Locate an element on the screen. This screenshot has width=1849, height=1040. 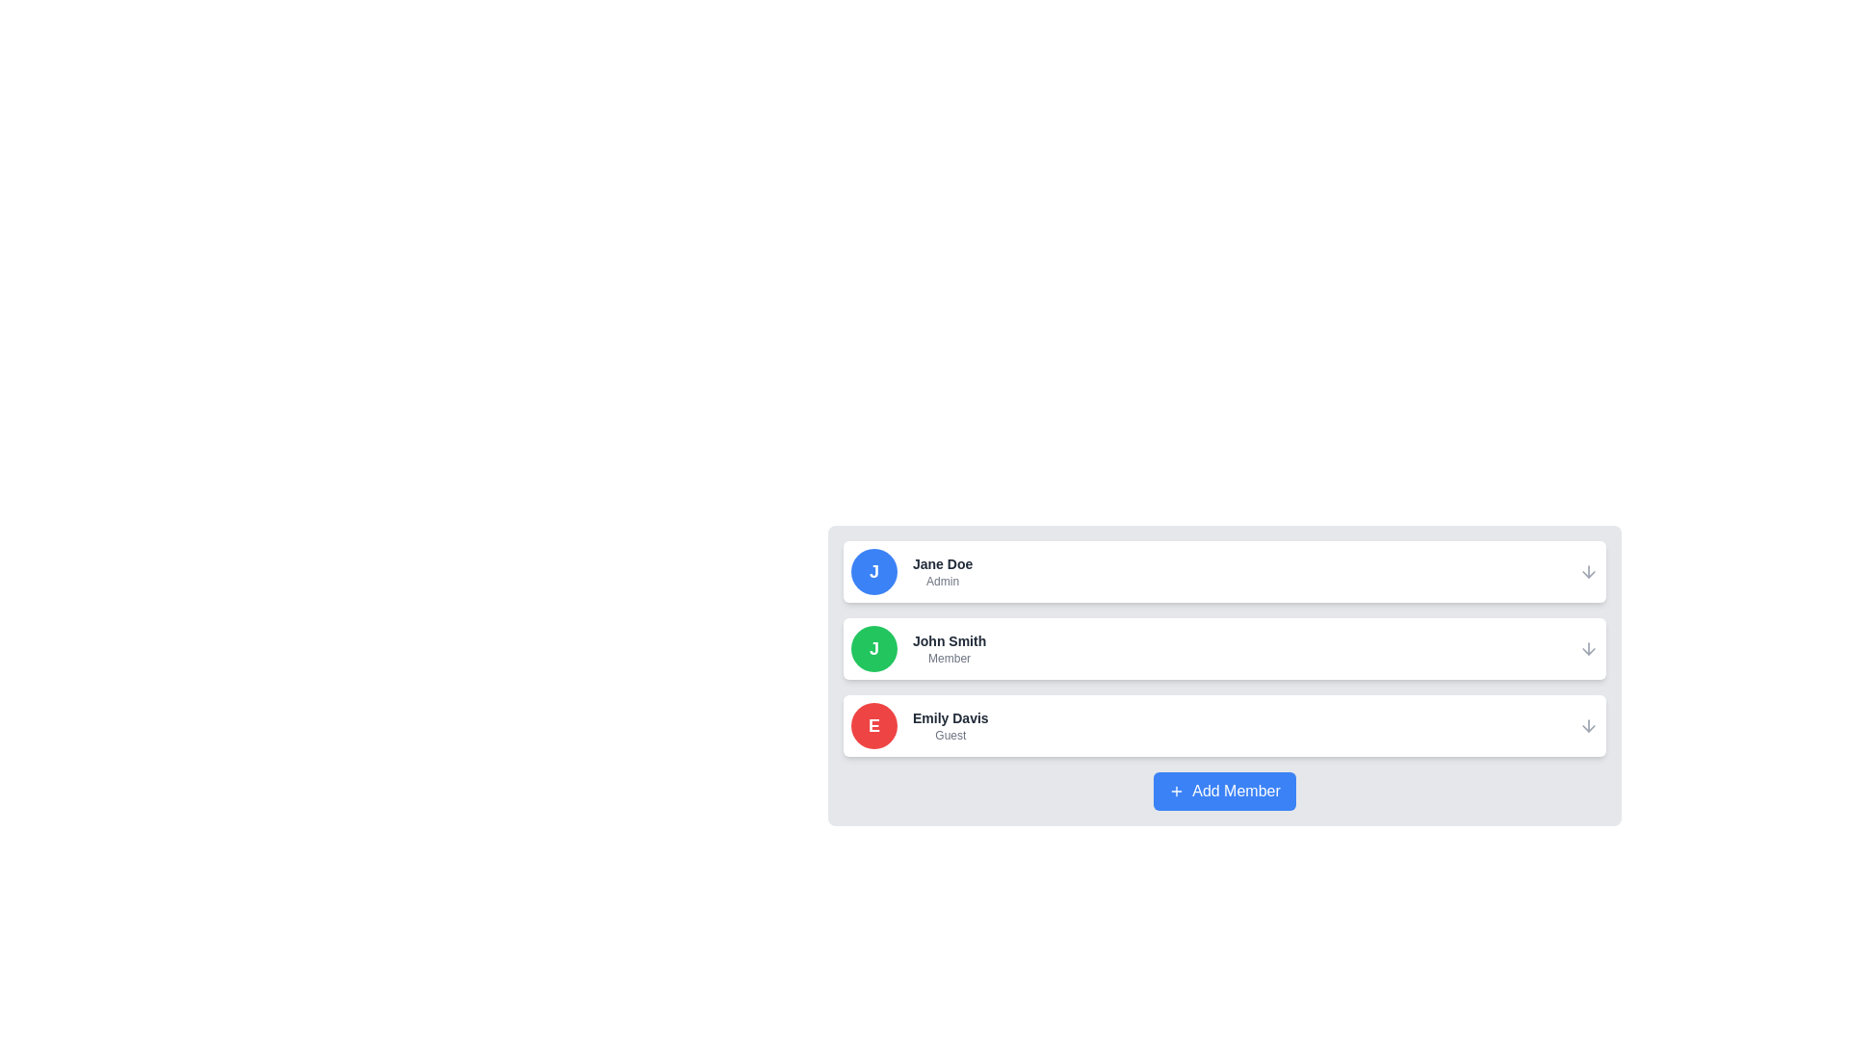
the Icon button located at the far right of the 'Jane Doe' user entry to trigger its hover state is located at coordinates (1589, 571).